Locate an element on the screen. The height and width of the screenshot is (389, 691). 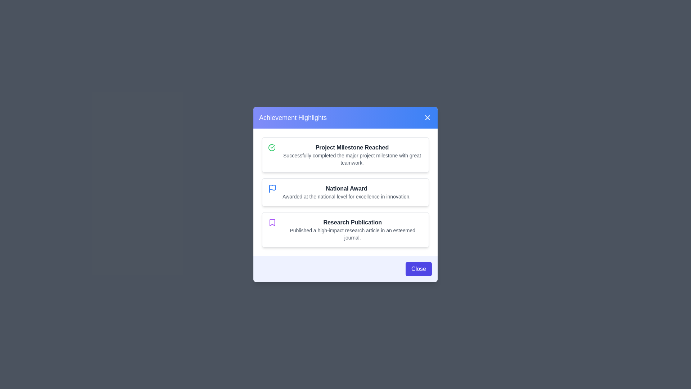
text on the Informational card titled 'Project Milestone Reached' which is the first card under 'Achievement Highlights' in the blue modal window is located at coordinates (345, 154).